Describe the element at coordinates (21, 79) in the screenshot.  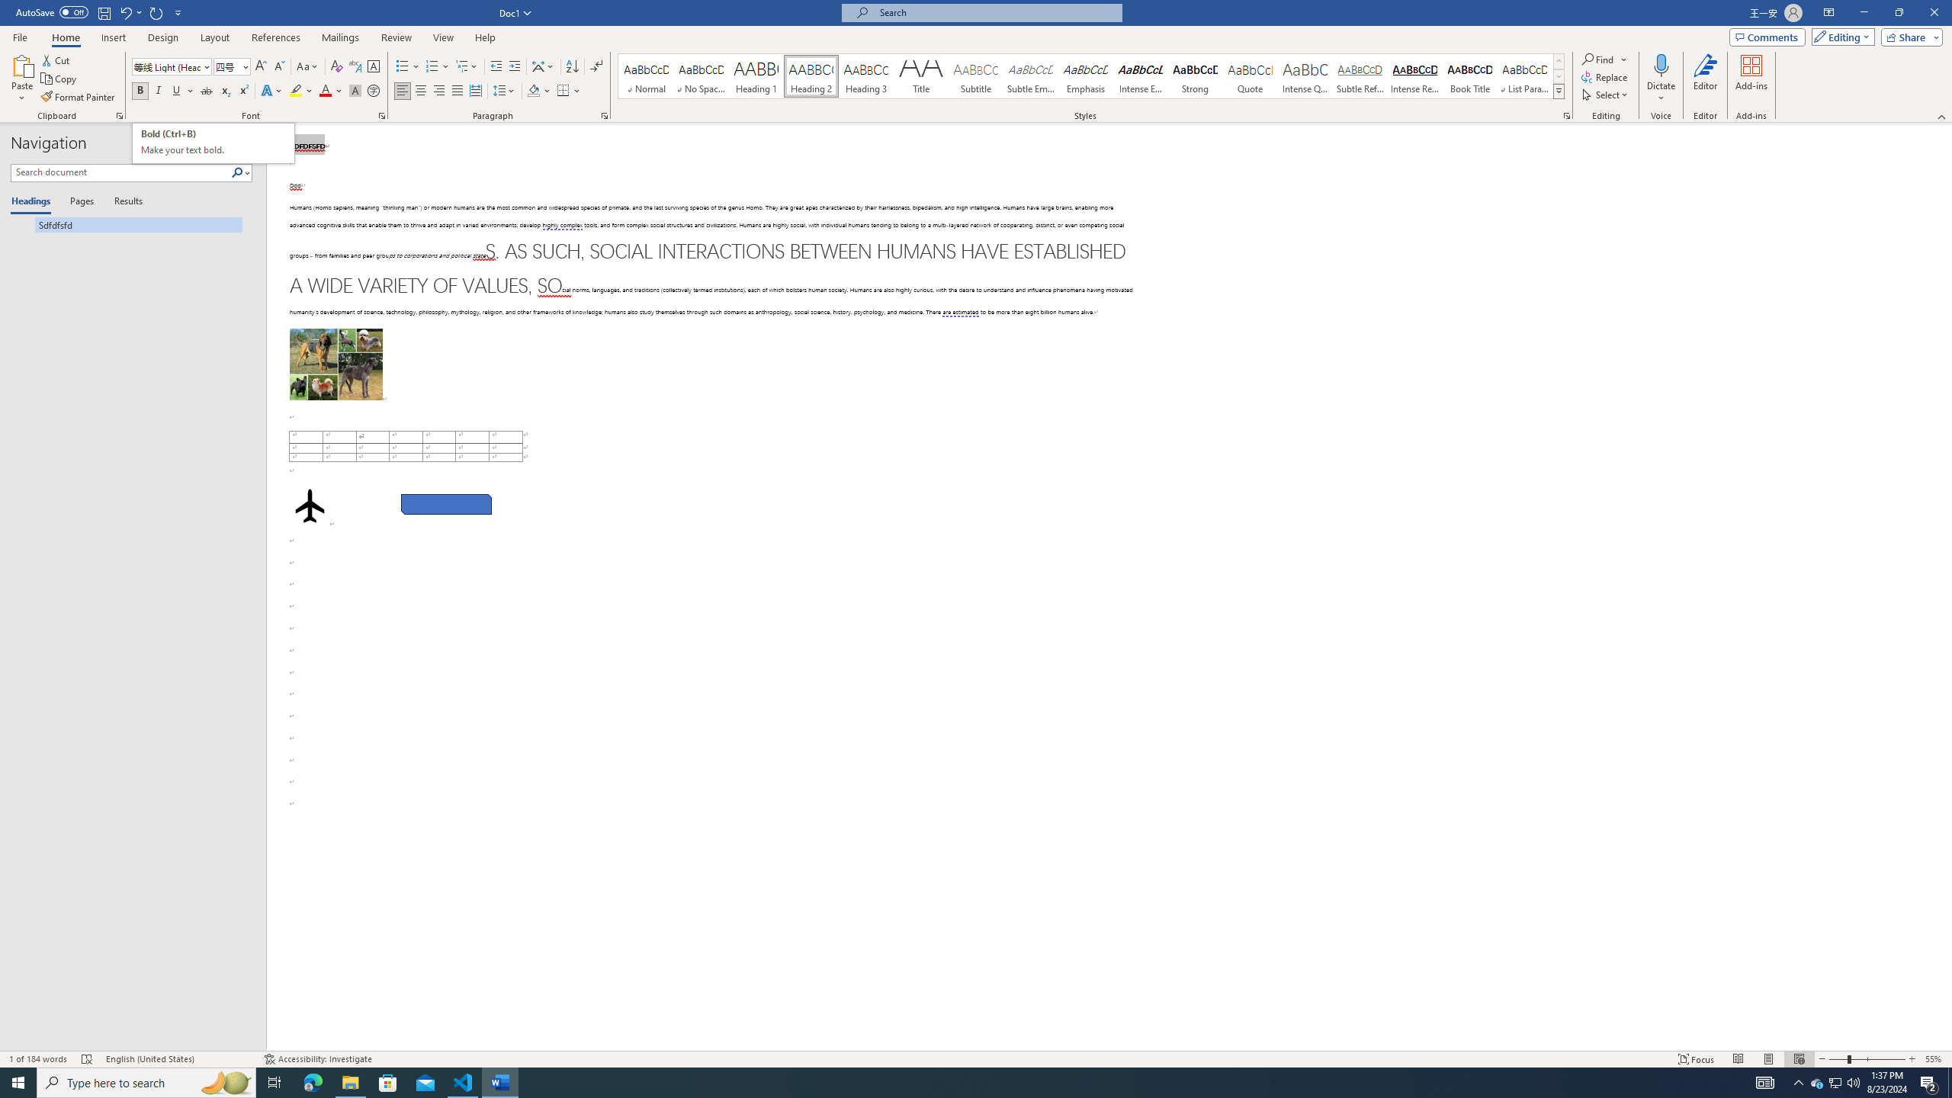
I see `'Paste'` at that location.